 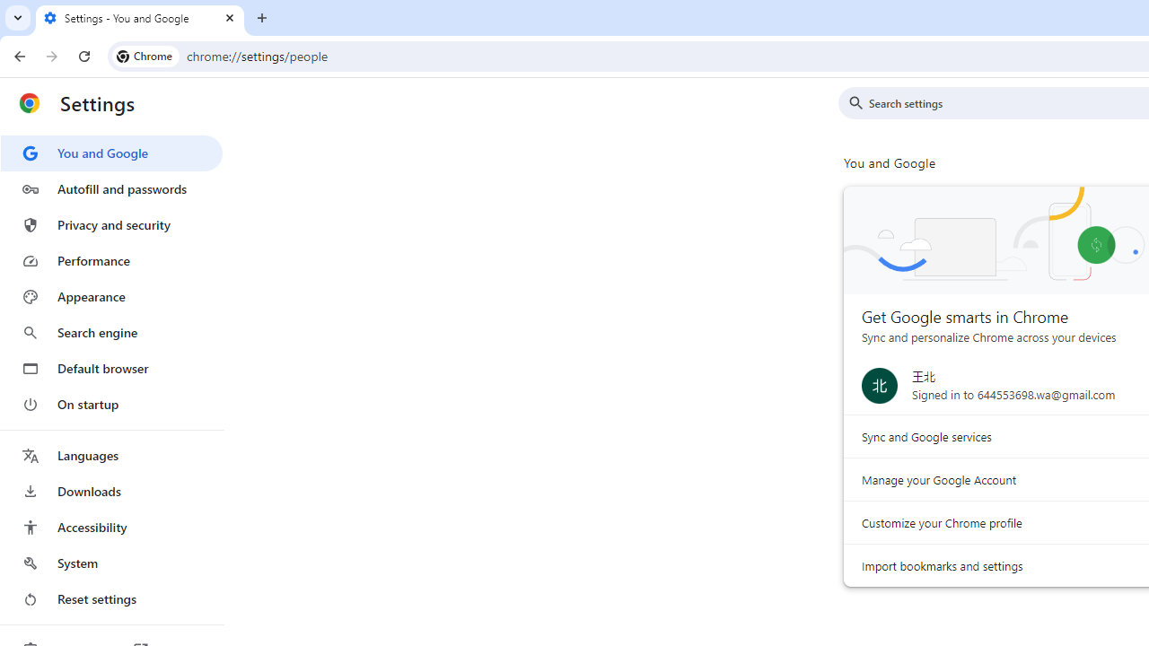 What do you see at coordinates (139, 18) in the screenshot?
I see `'Settings - You and Google'` at bounding box center [139, 18].